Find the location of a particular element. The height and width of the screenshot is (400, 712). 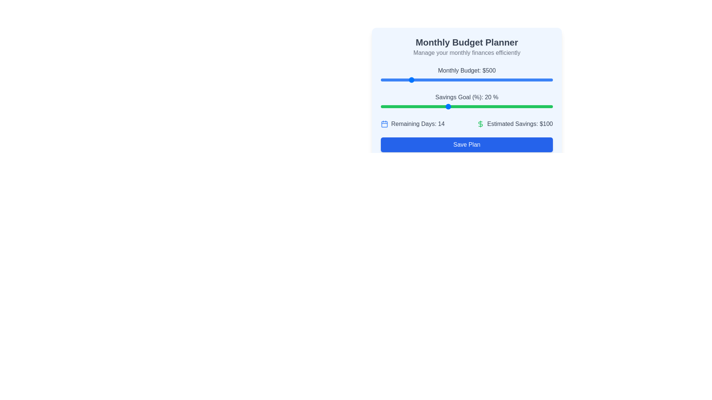

the range slider to adjust the savings goal percentage value, which is positioned below the text 'Savings Goal (%): 20 %' and above 'Remaining Days: 14' is located at coordinates (466, 107).